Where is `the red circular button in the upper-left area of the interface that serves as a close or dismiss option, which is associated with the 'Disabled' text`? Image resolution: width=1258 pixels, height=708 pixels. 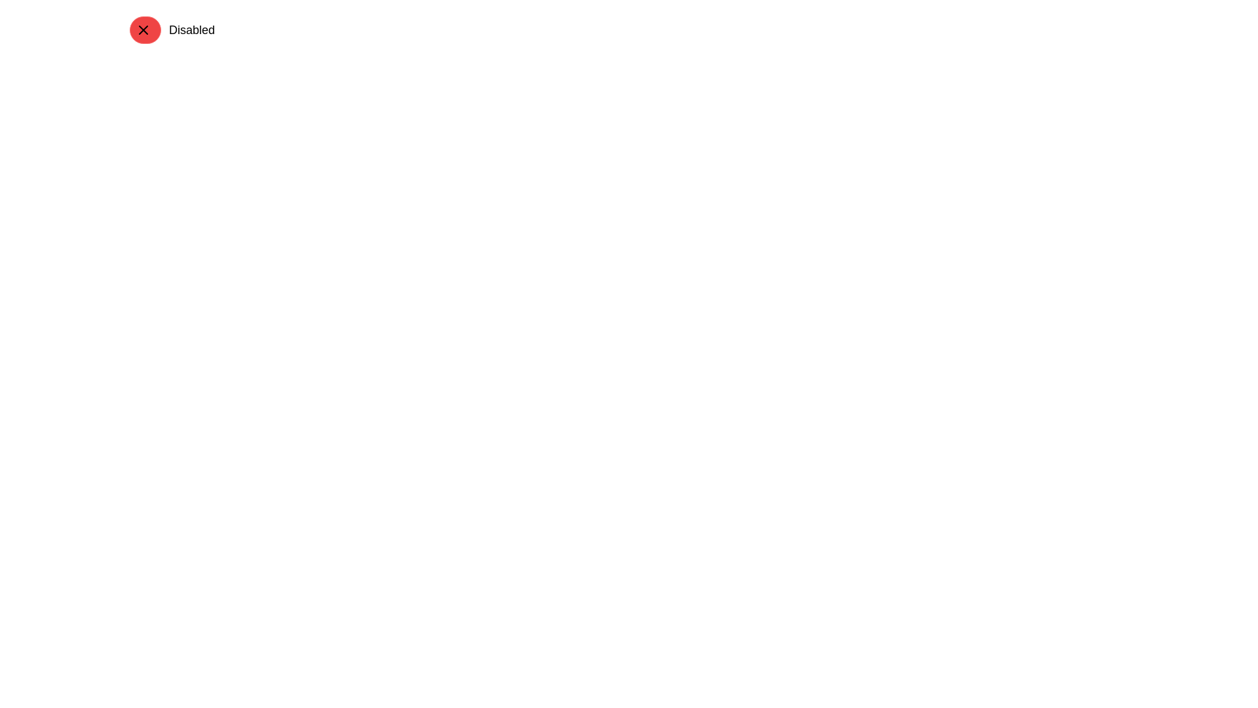
the red circular button in the upper-left area of the interface that serves as a close or dismiss option, which is associated with the 'Disabled' text is located at coordinates (143, 29).